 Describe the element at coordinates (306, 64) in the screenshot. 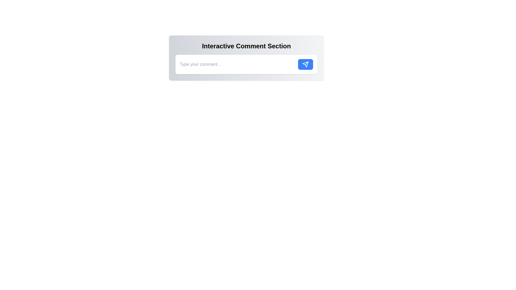

I see `the send icon button, which is part of a button UI component` at that location.